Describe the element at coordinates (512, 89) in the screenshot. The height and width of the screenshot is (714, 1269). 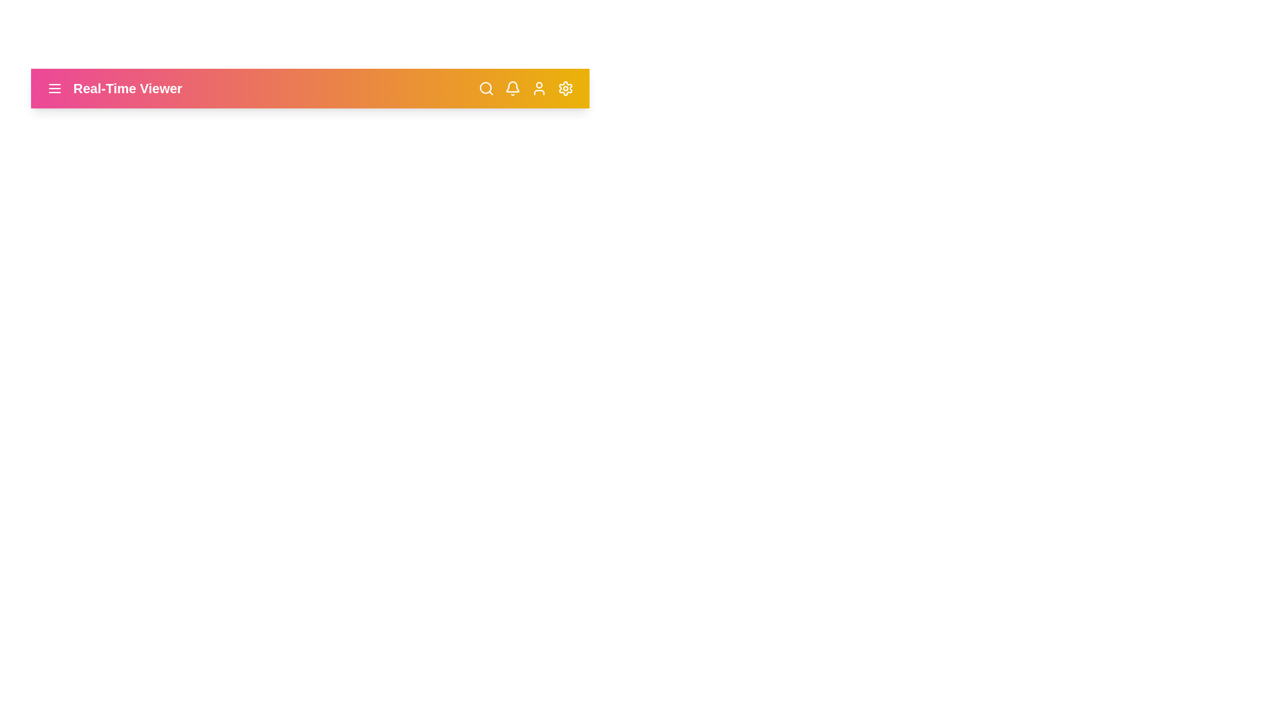
I see `the bell icon to view notifications` at that location.